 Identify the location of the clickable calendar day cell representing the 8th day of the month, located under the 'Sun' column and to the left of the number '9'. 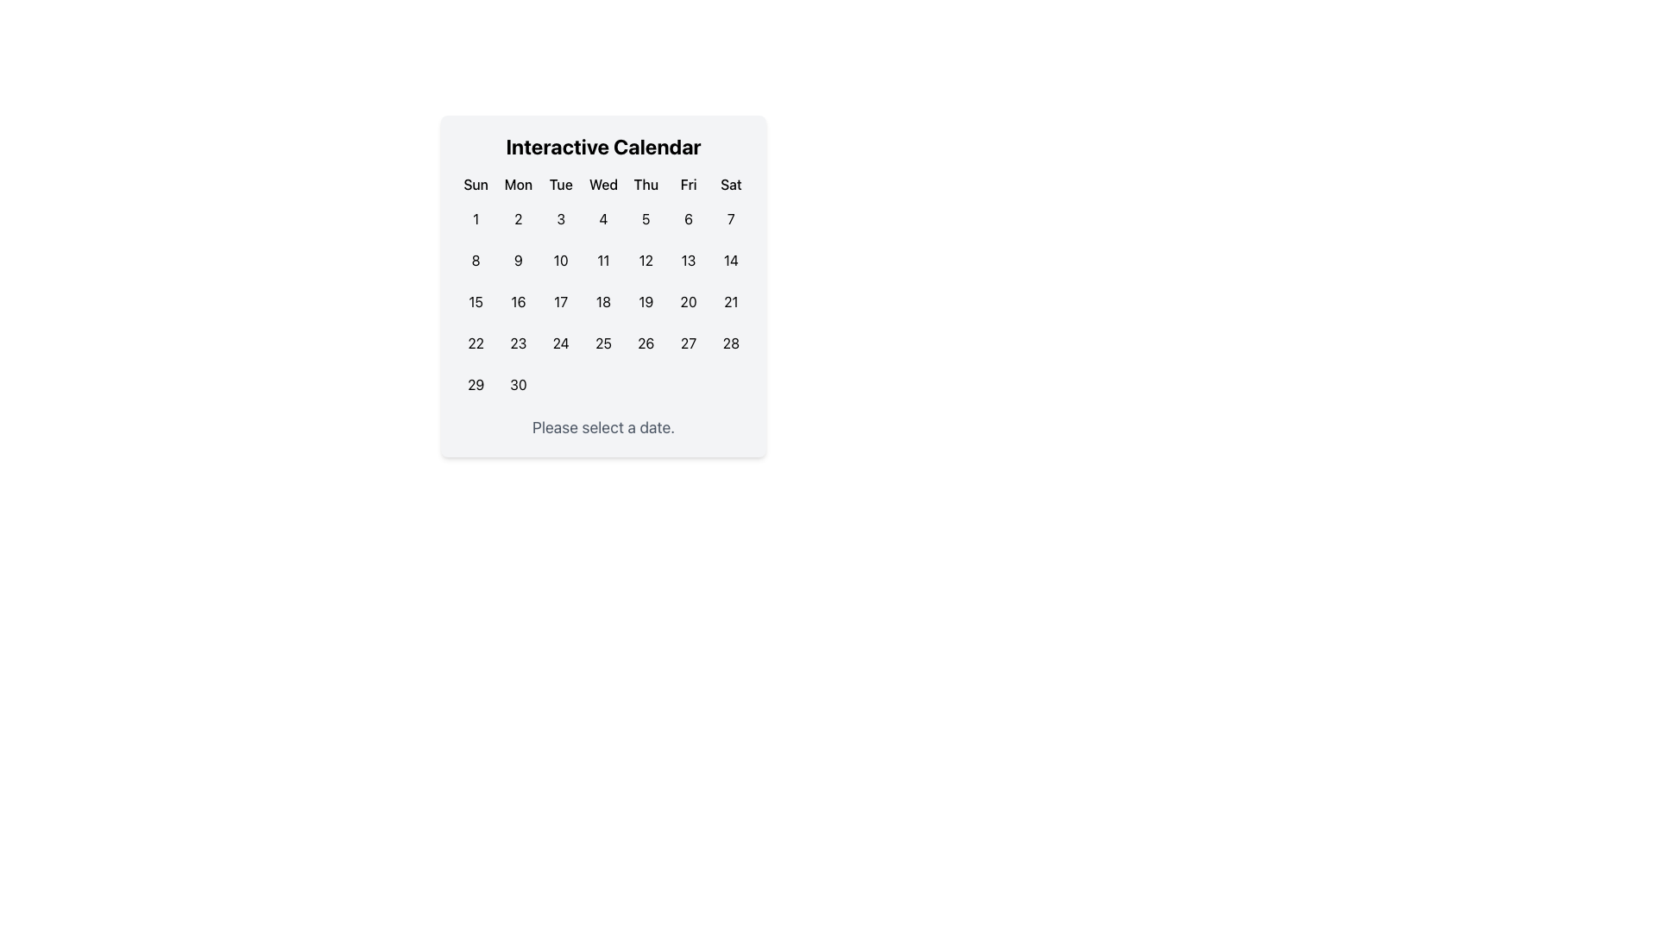
(476, 260).